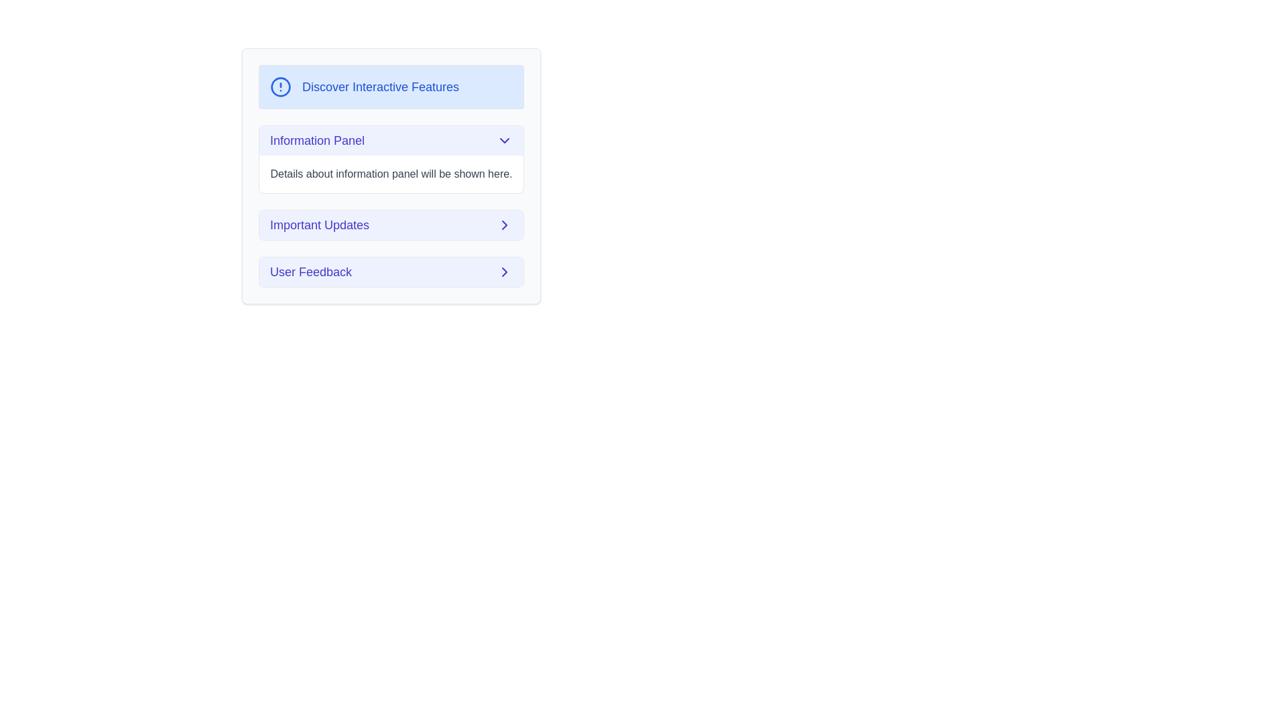 This screenshot has height=724, width=1287. Describe the element at coordinates (310, 271) in the screenshot. I see `the 'User Feedback' label, which is styled in bold blue text on a light indigo background, located in a sidebar below a chevron icon` at that location.